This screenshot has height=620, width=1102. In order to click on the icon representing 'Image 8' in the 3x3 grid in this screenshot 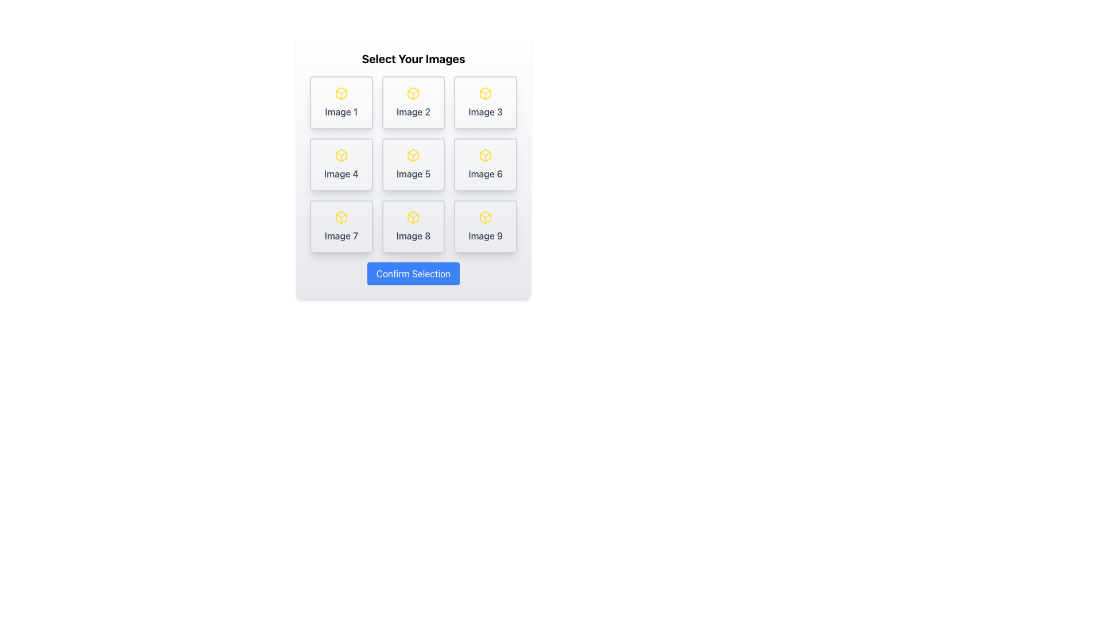, I will do `click(413, 217)`.